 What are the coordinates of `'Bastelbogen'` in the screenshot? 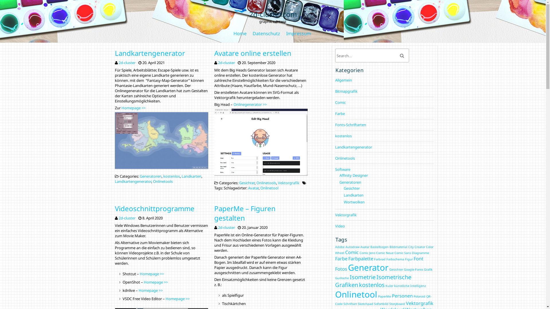 It's located at (379, 247).